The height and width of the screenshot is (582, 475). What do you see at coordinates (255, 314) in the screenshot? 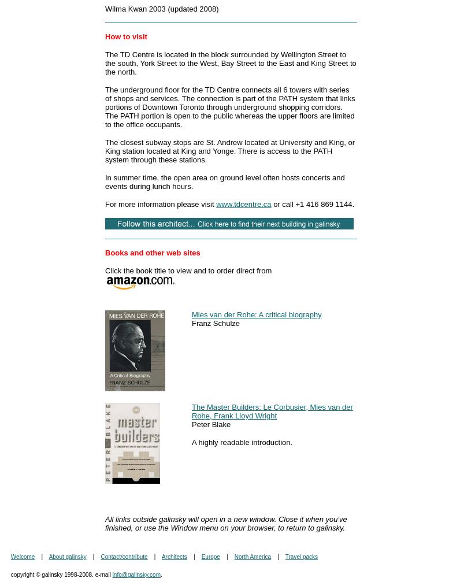
I see `'Mies van der Rohe: A
    critical biography'` at bounding box center [255, 314].